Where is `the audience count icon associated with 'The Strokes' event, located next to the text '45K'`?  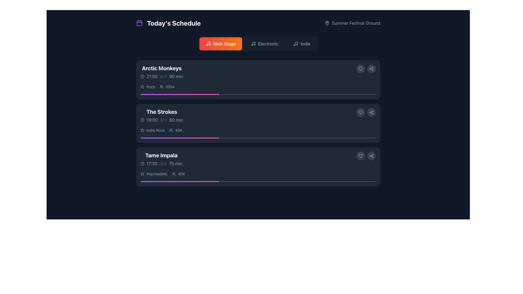
the audience count icon associated with 'The Strokes' event, located next to the text '45K' is located at coordinates (171, 130).